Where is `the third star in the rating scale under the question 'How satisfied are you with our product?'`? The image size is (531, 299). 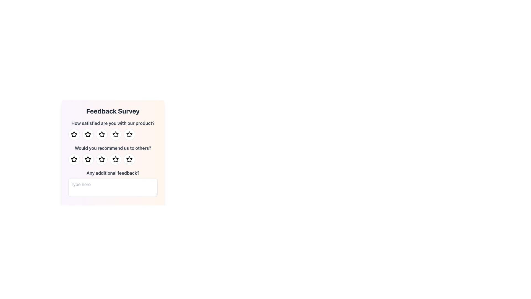 the third star in the rating scale under the question 'How satisfied are you with our product?' is located at coordinates (115, 135).